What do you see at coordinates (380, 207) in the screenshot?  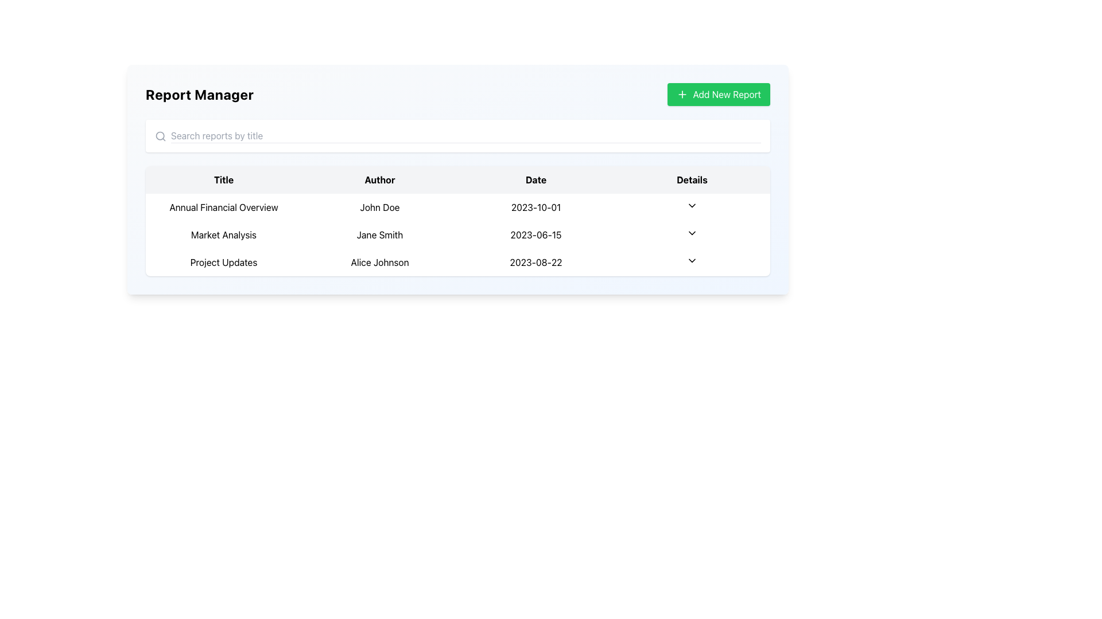 I see `the text label displaying 'John Doe' in the 'Author' column of the table` at bounding box center [380, 207].